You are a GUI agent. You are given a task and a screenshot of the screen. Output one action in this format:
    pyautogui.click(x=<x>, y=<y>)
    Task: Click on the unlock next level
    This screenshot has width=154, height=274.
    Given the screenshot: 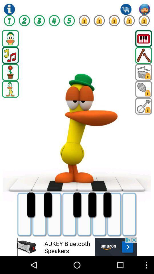 What is the action you would take?
    pyautogui.click(x=84, y=21)
    